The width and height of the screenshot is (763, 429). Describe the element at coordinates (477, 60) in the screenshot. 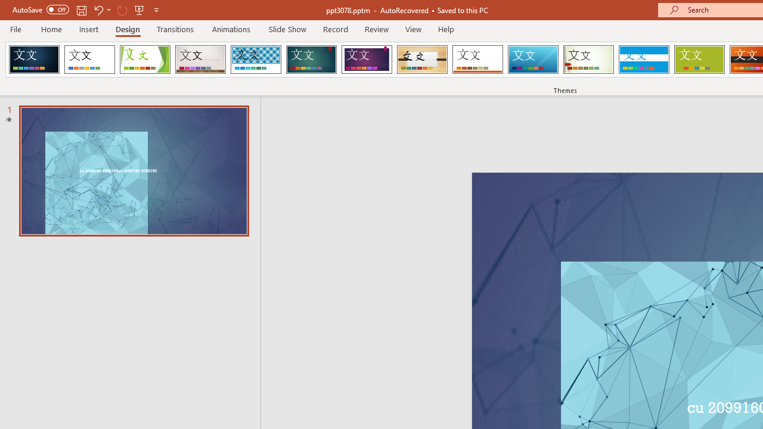

I see `'Retrospect'` at that location.